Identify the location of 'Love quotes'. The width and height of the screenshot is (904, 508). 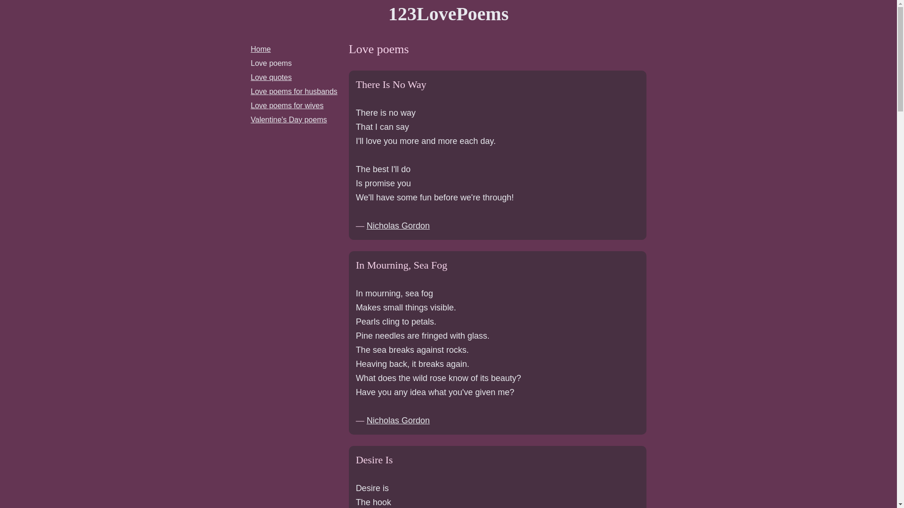
(250, 77).